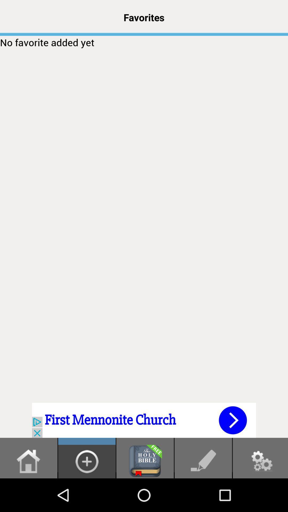 The height and width of the screenshot is (512, 288). I want to click on the edit icon, so click(203, 494).